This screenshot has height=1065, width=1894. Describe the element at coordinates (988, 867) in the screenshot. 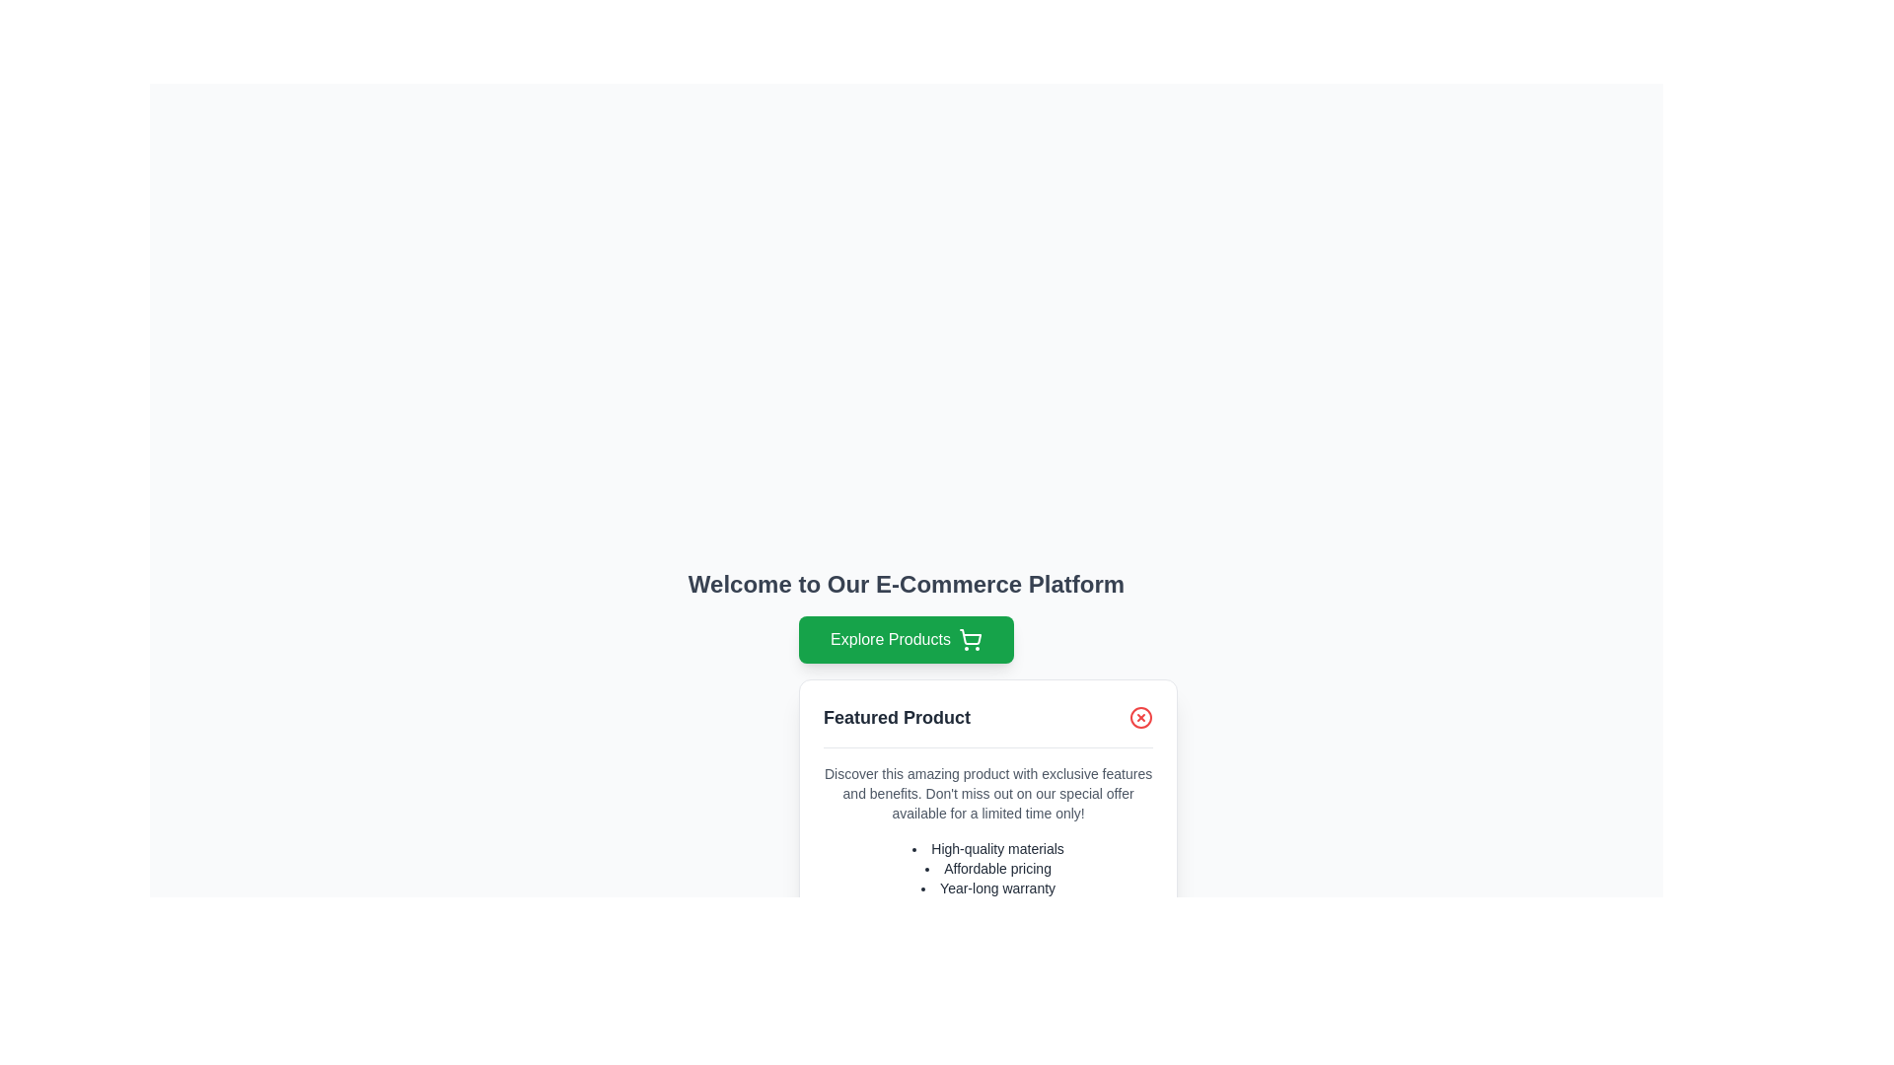

I see `the second item in the bulleted list that contains the text 'Affordable pricing', which is located below the 'Featured Product' title` at that location.